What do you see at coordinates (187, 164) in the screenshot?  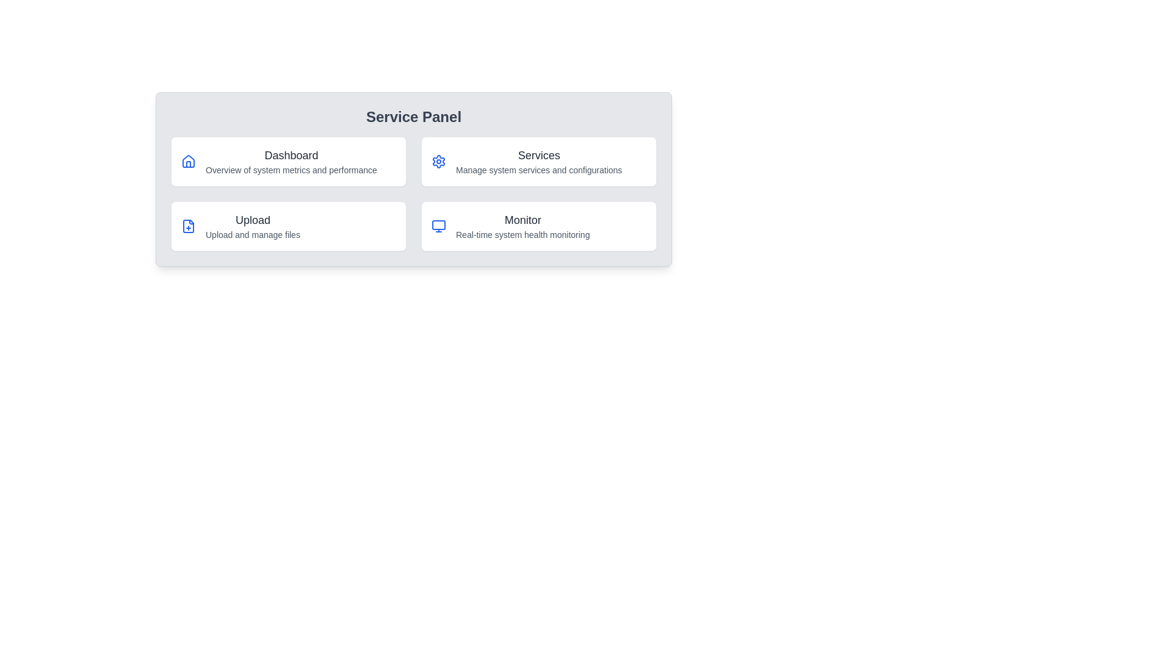 I see `the visual part of the house icon, which symbolizes a building and is located at the base of the house icon to the left of the 'Dashboard' text within the 'Dashboard' card` at bounding box center [187, 164].